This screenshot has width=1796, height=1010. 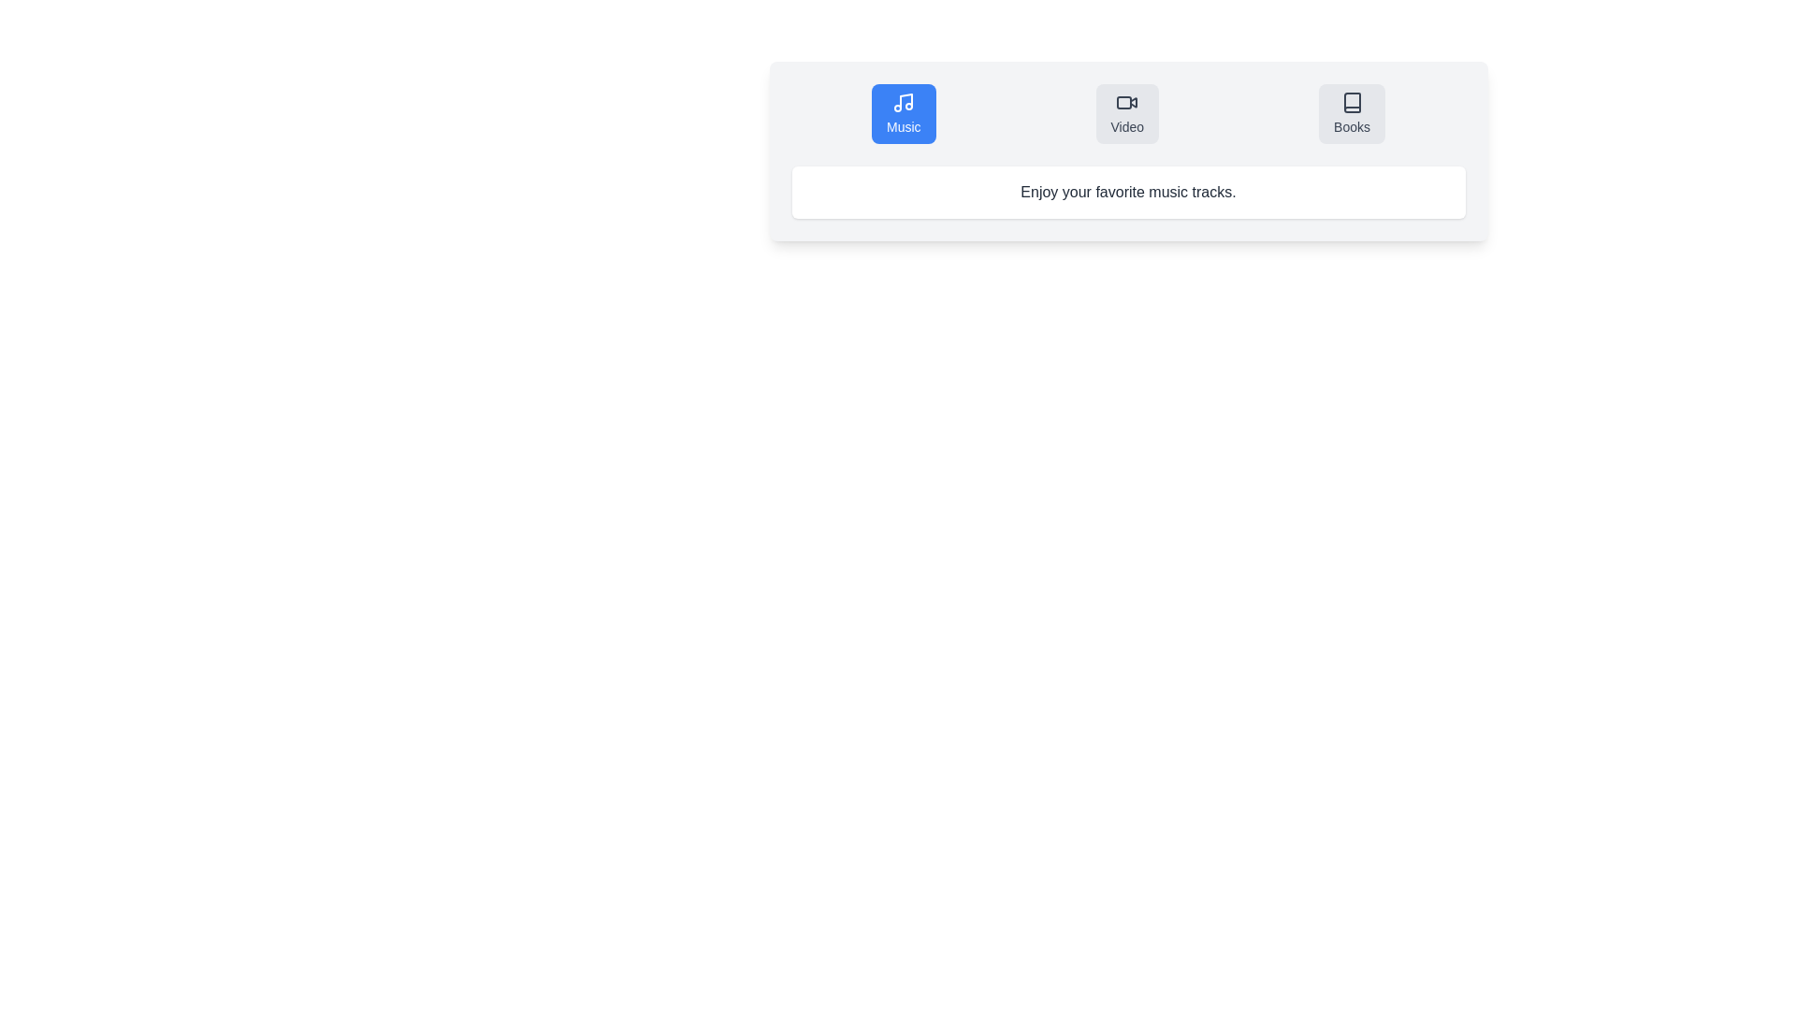 What do you see at coordinates (904, 114) in the screenshot?
I see `the 'Music' navigation button, which is the first button in a row of three at the top of the interface` at bounding box center [904, 114].